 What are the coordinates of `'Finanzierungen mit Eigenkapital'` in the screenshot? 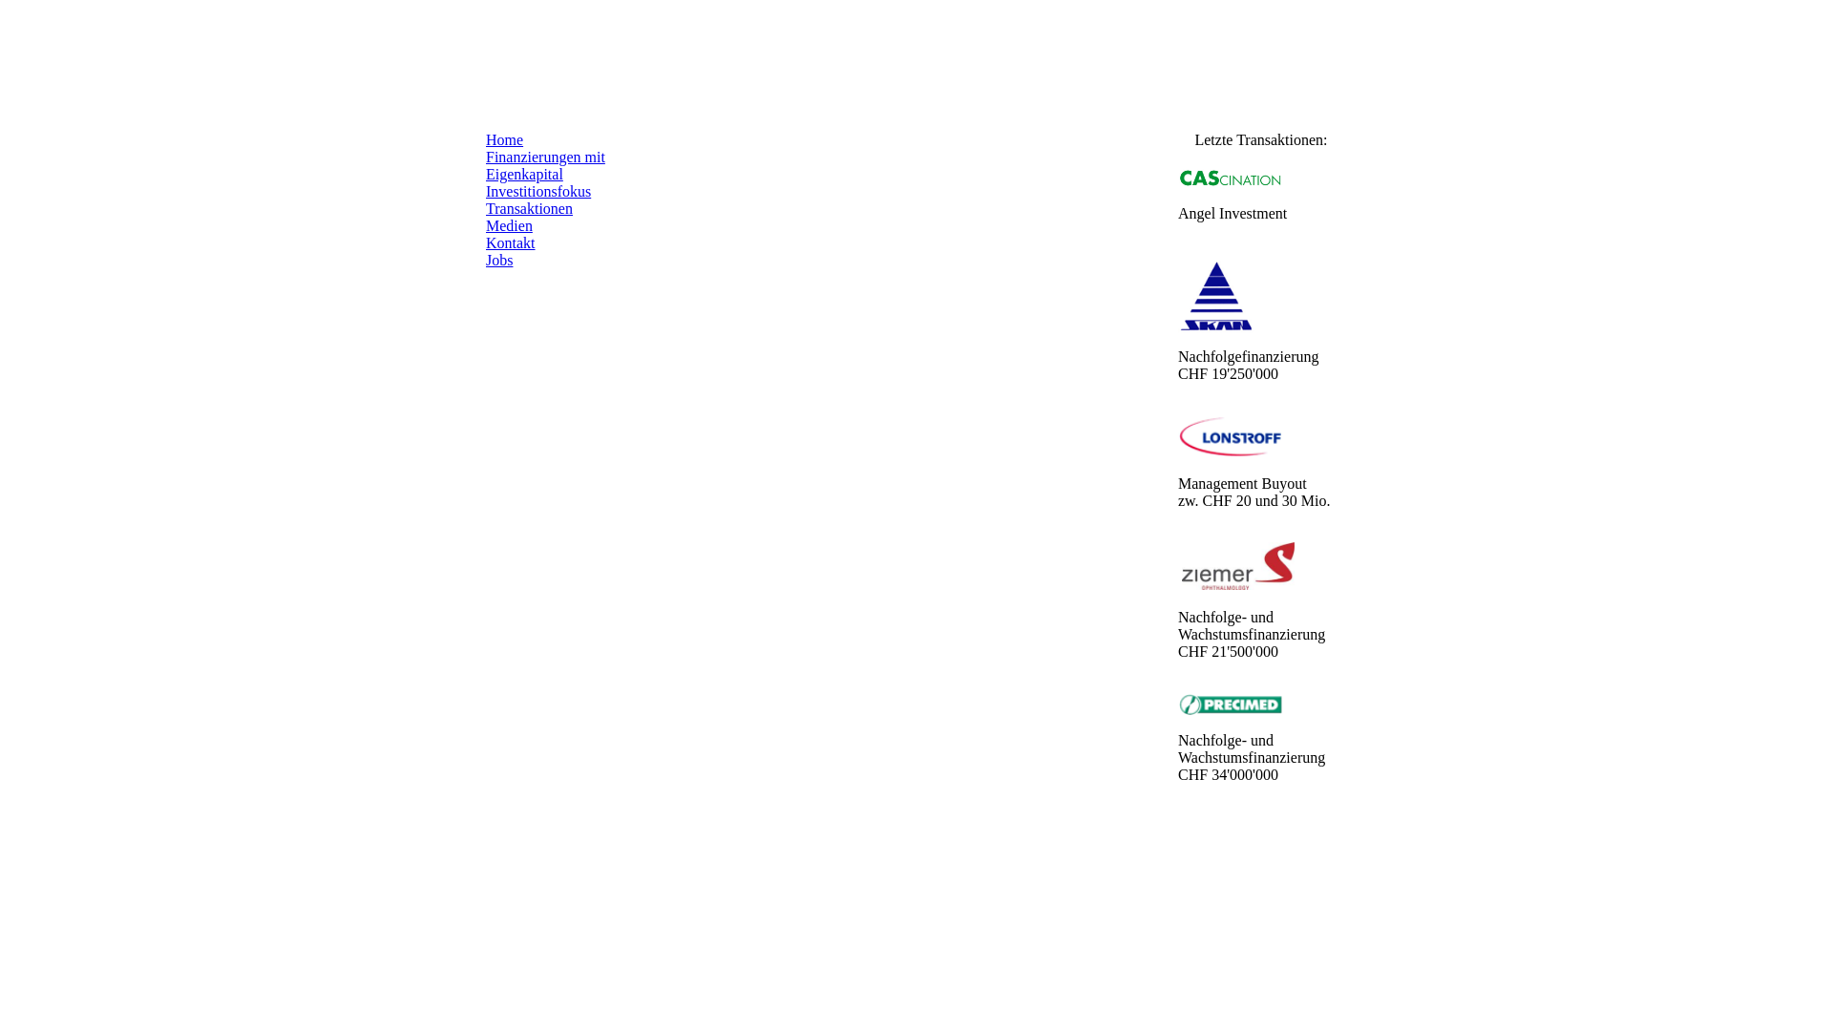 It's located at (544, 164).